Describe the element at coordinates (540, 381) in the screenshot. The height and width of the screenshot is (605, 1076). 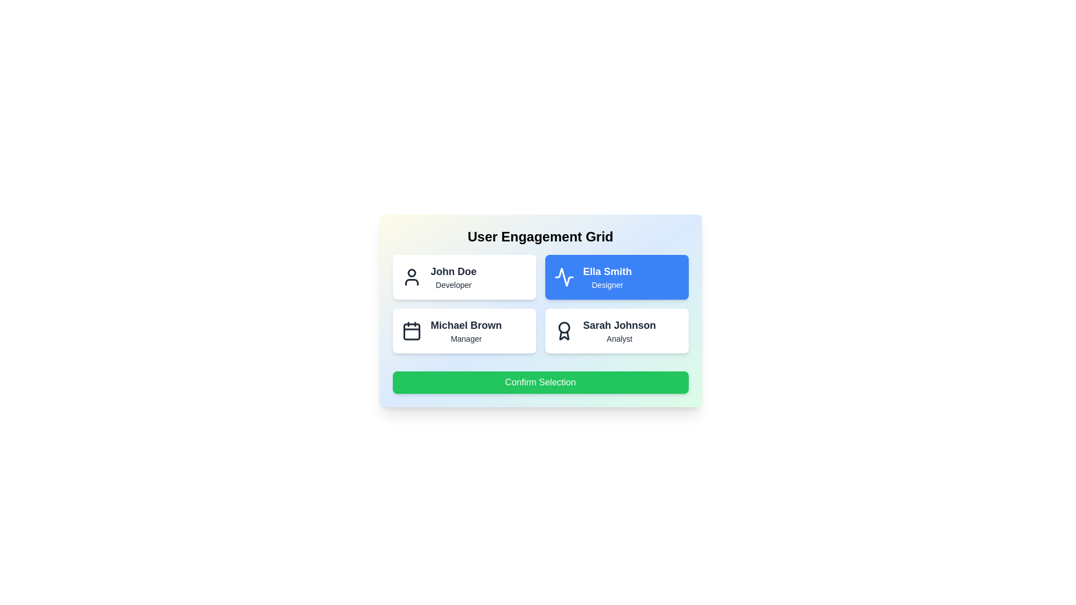
I see `'Confirm Selection' button to confirm the current selection` at that location.